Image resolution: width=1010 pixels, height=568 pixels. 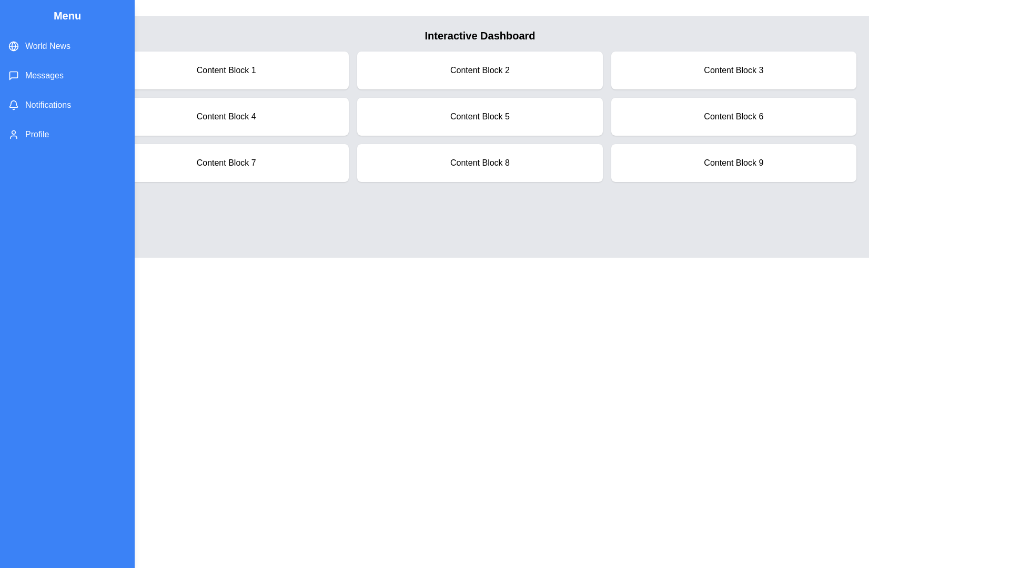 I want to click on the menu item Messages from the list, so click(x=67, y=75).